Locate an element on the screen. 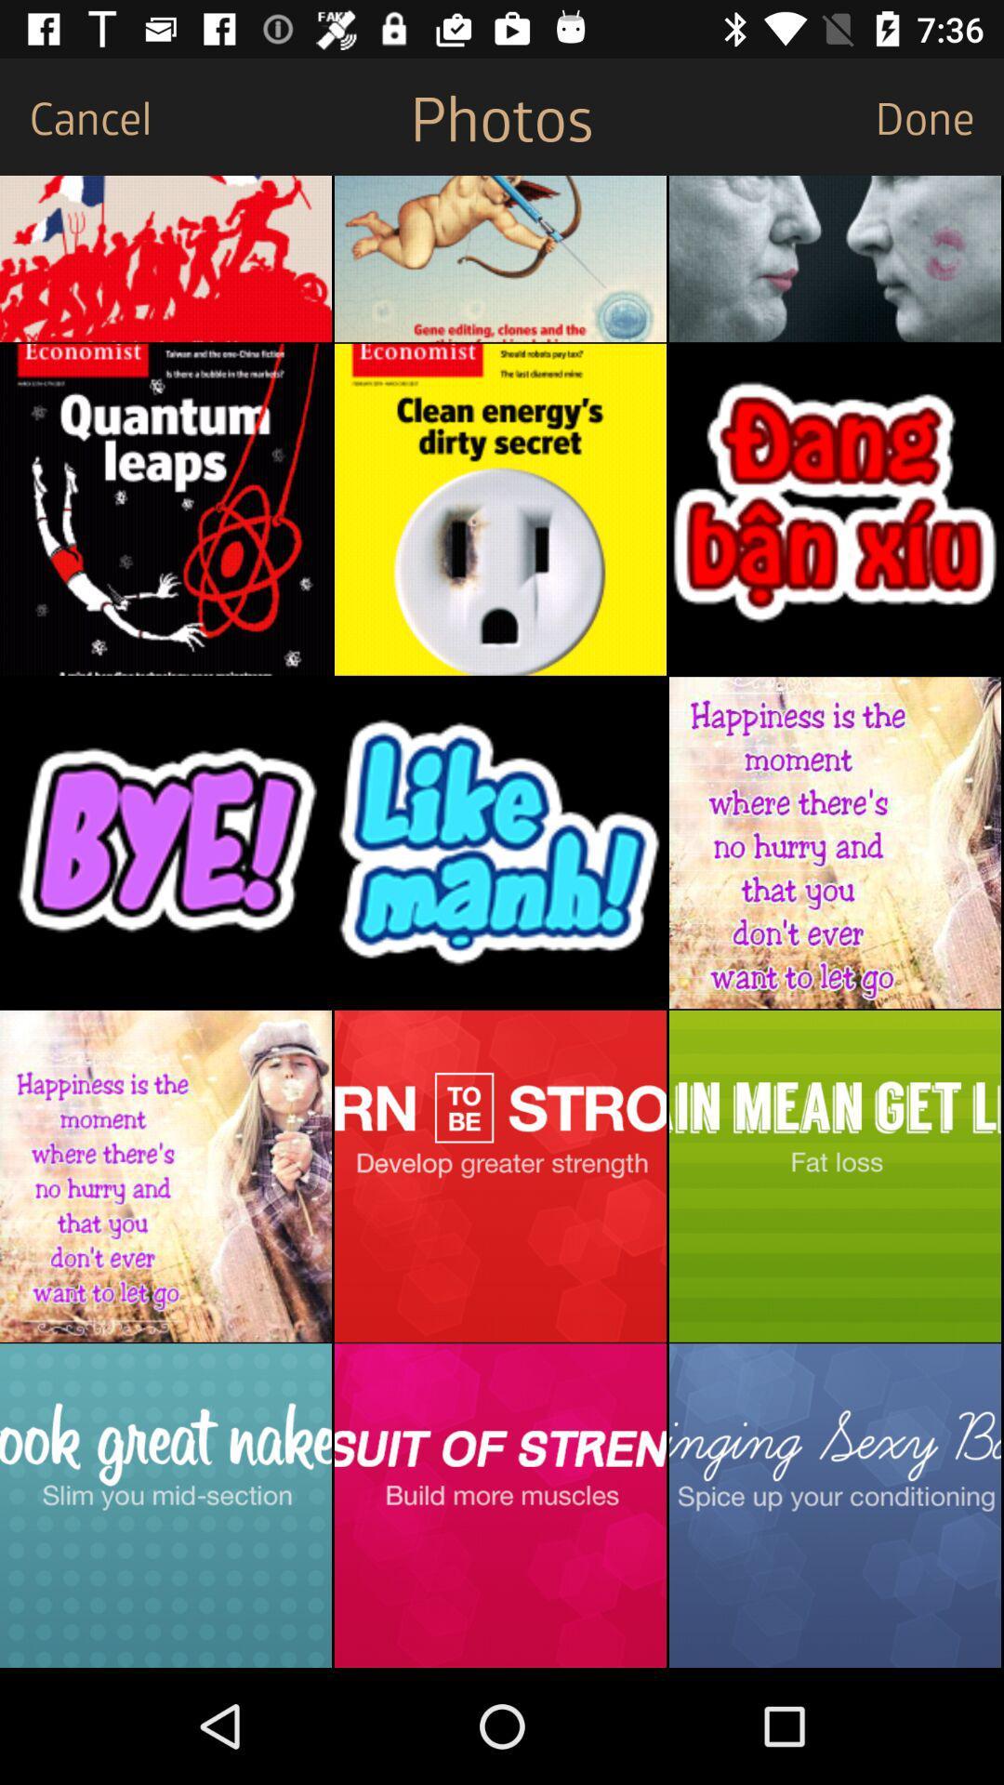  the photos icon is located at coordinates (502, 115).